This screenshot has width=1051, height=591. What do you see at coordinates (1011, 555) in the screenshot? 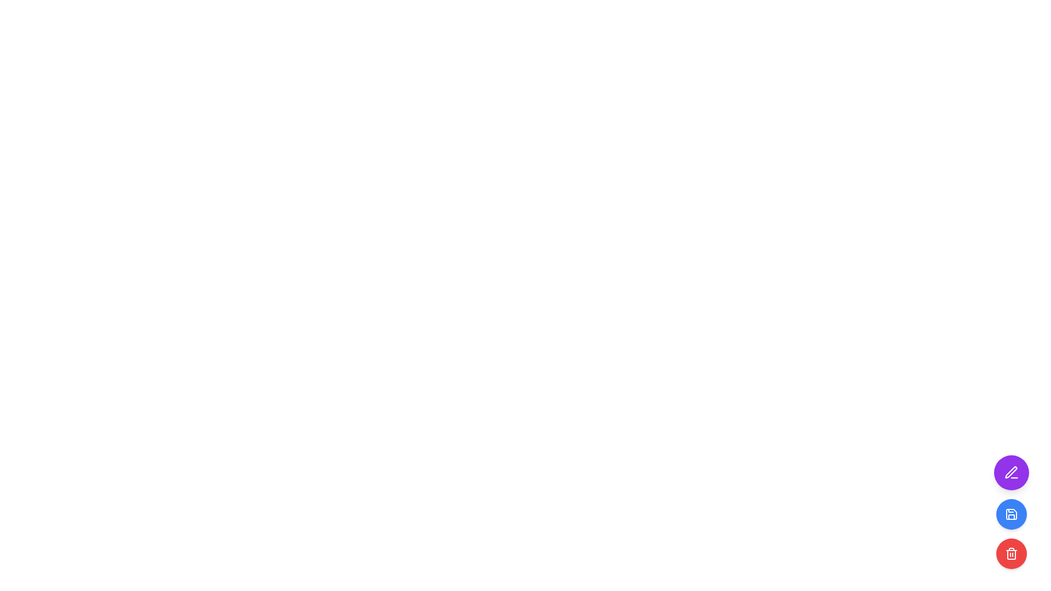
I see `the trash can icon located in the red circular button at the bottom right corner of the vertical button stack` at bounding box center [1011, 555].